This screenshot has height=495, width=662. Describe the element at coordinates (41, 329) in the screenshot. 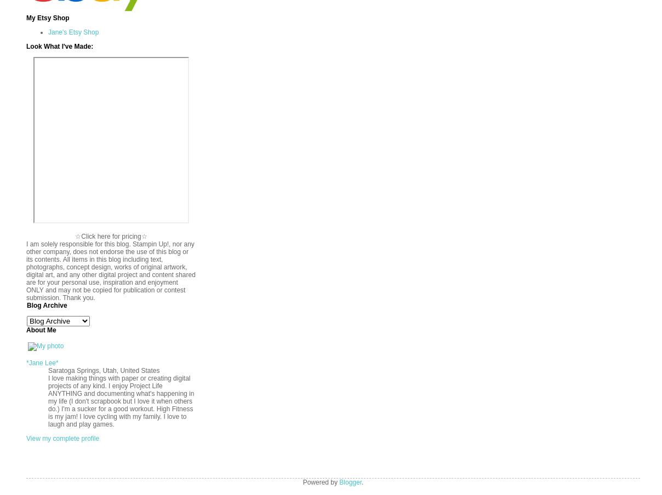

I see `'About Me'` at that location.